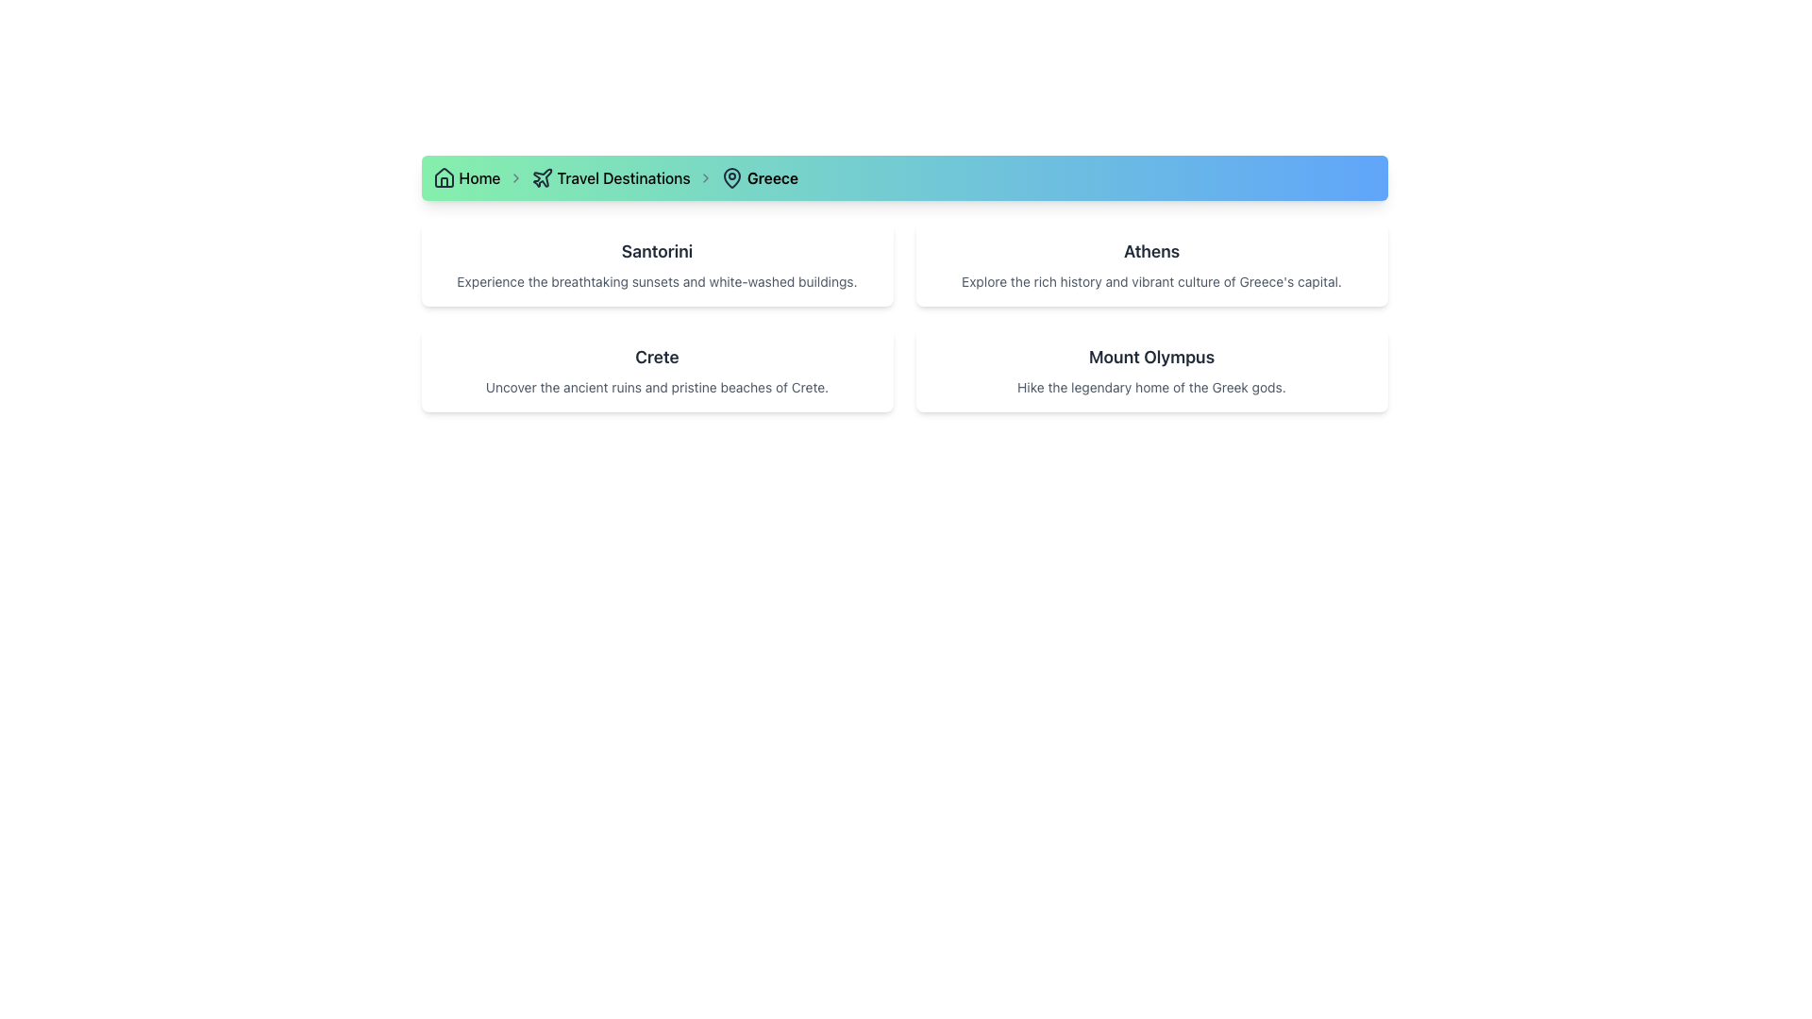  Describe the element at coordinates (1150, 387) in the screenshot. I see `information provided in the Text Label located below the main title 'Mount Olympus' within the card in the bottom right grid cell under the 'Greece' header` at that location.